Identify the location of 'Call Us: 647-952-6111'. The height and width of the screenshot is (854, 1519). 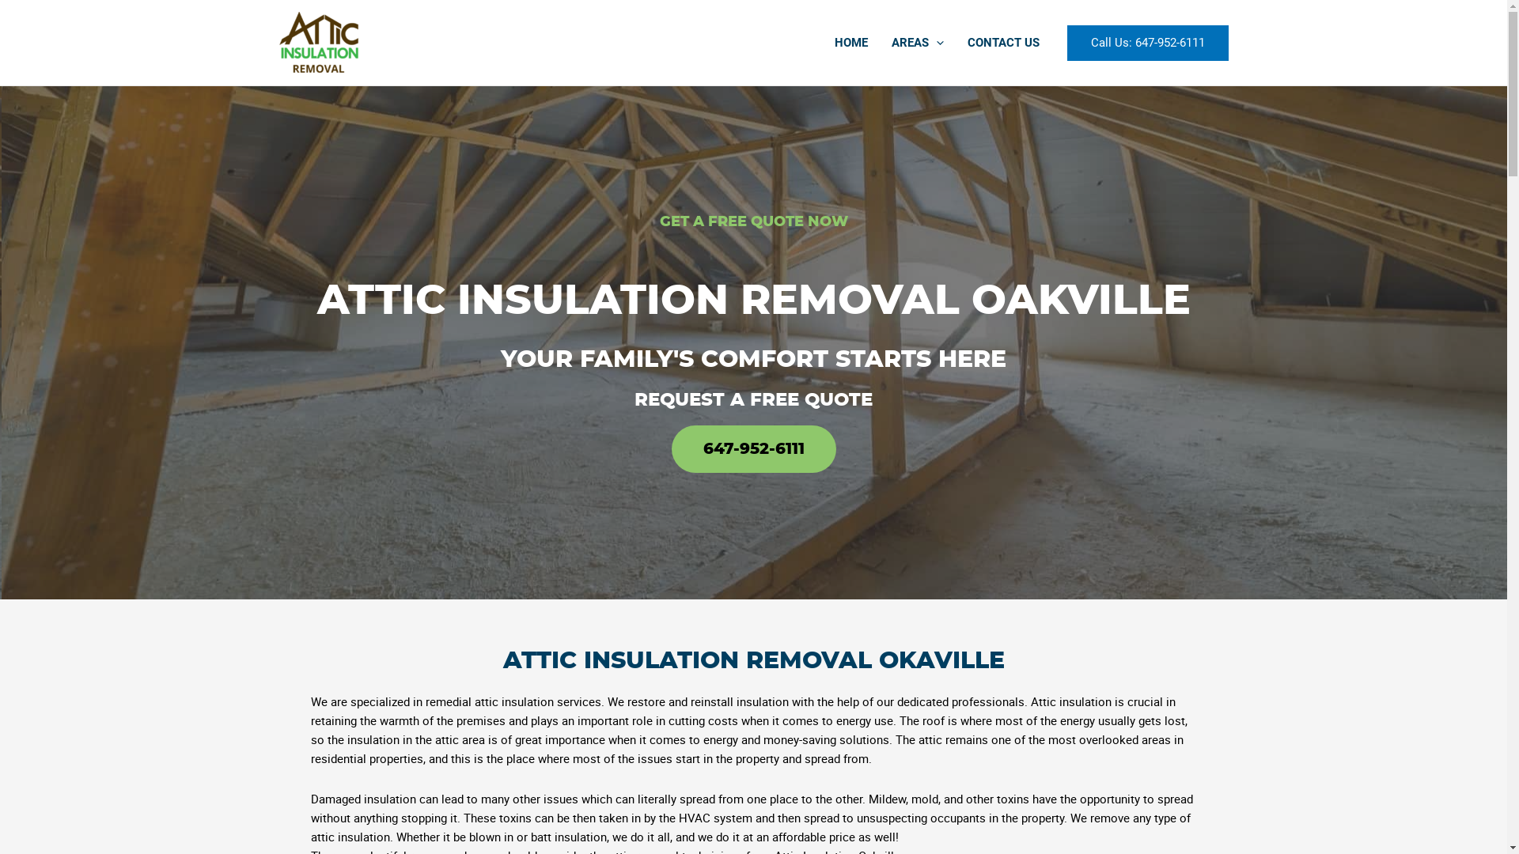
(1146, 42).